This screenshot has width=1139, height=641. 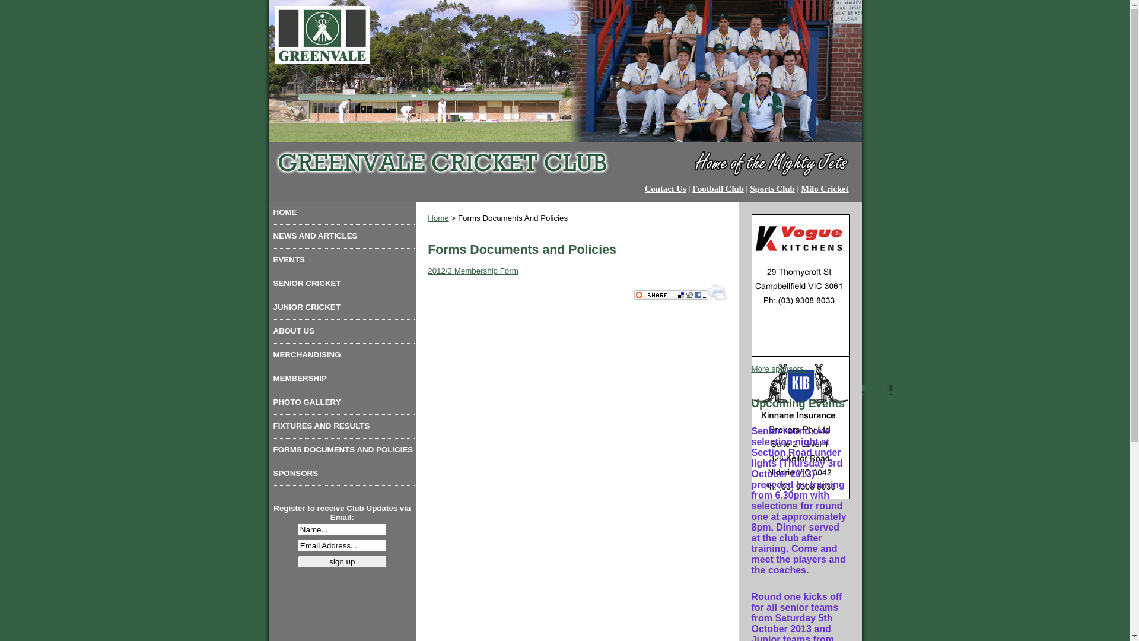 What do you see at coordinates (271, 334) in the screenshot?
I see `'ABOUT US'` at bounding box center [271, 334].